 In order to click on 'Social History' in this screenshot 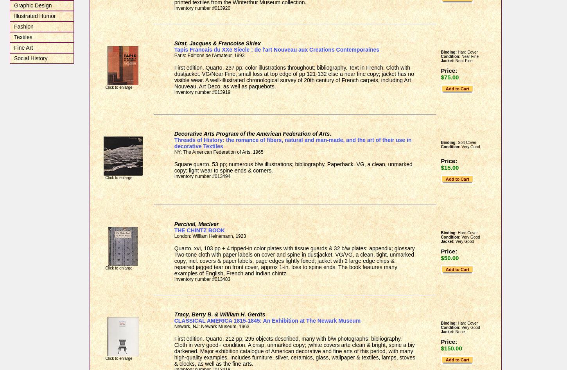, I will do `click(31, 57)`.